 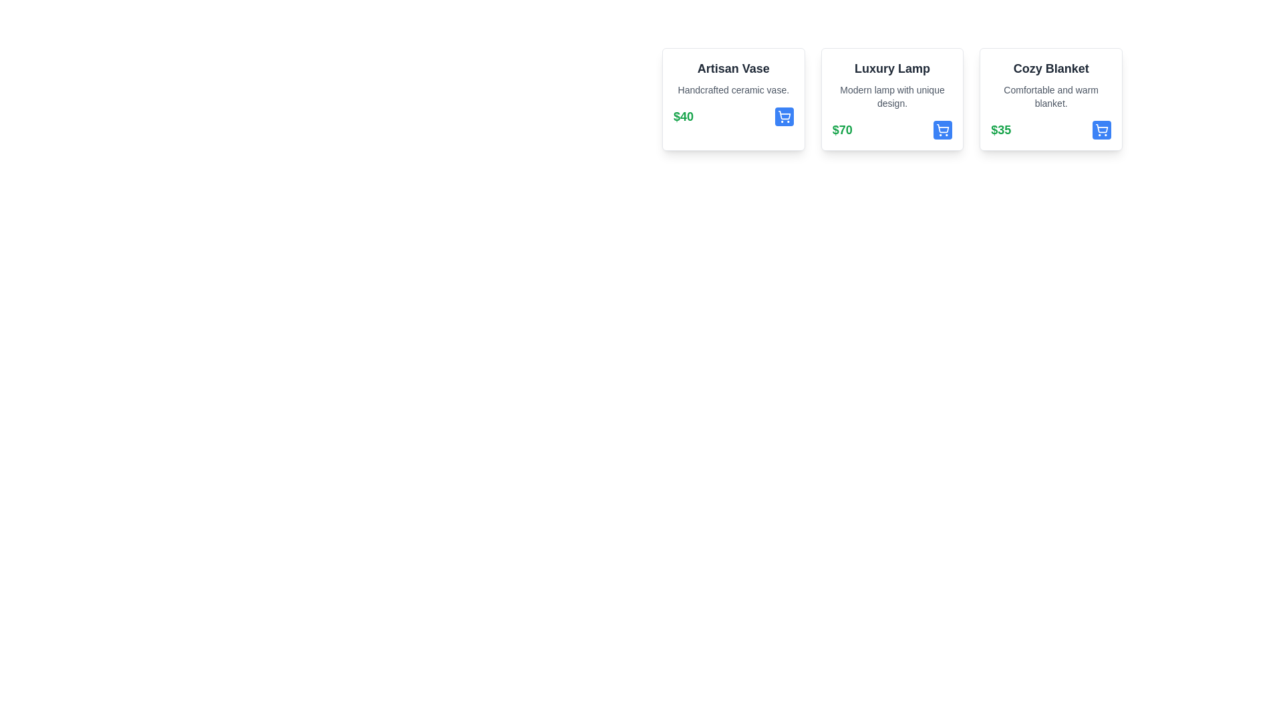 What do you see at coordinates (784, 115) in the screenshot?
I see `the Shopping Cart Icon located within the blue button at the bottom right corner of the 'Artisan Vase' card` at bounding box center [784, 115].